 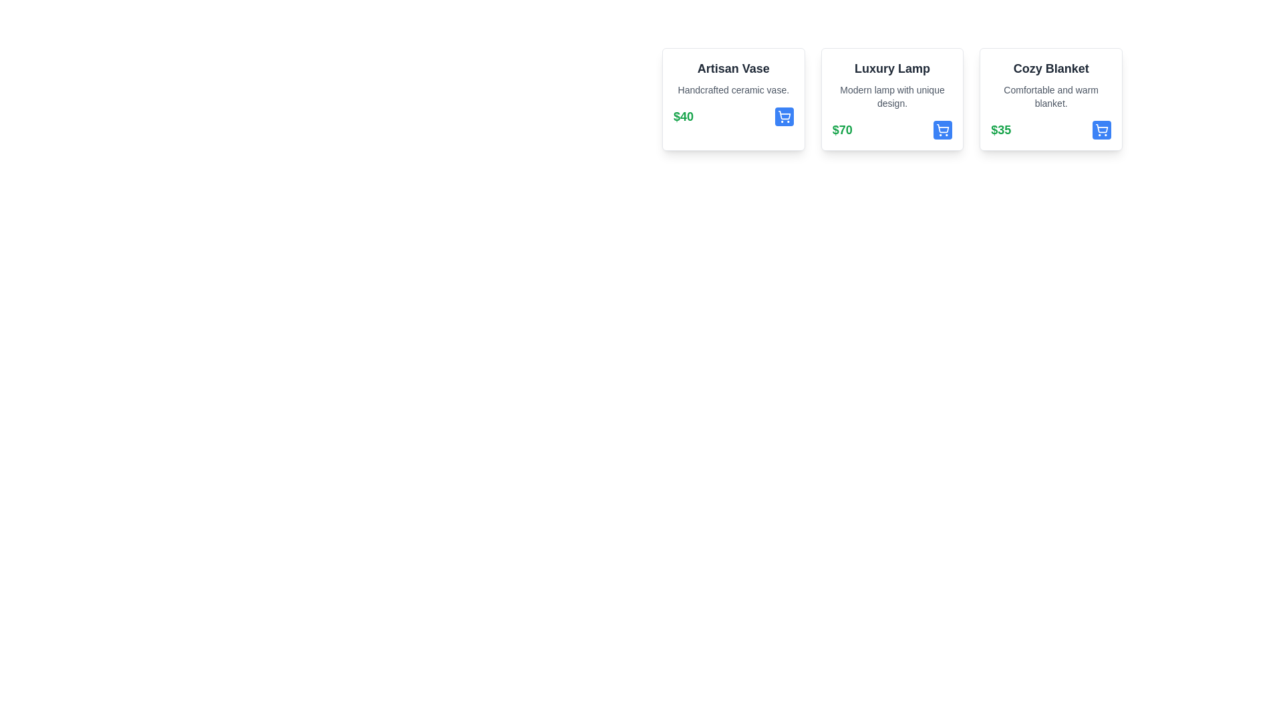 What do you see at coordinates (784, 115) in the screenshot?
I see `the Shopping Cart Icon located within the blue button at the bottom right corner of the 'Artisan Vase' card` at bounding box center [784, 115].